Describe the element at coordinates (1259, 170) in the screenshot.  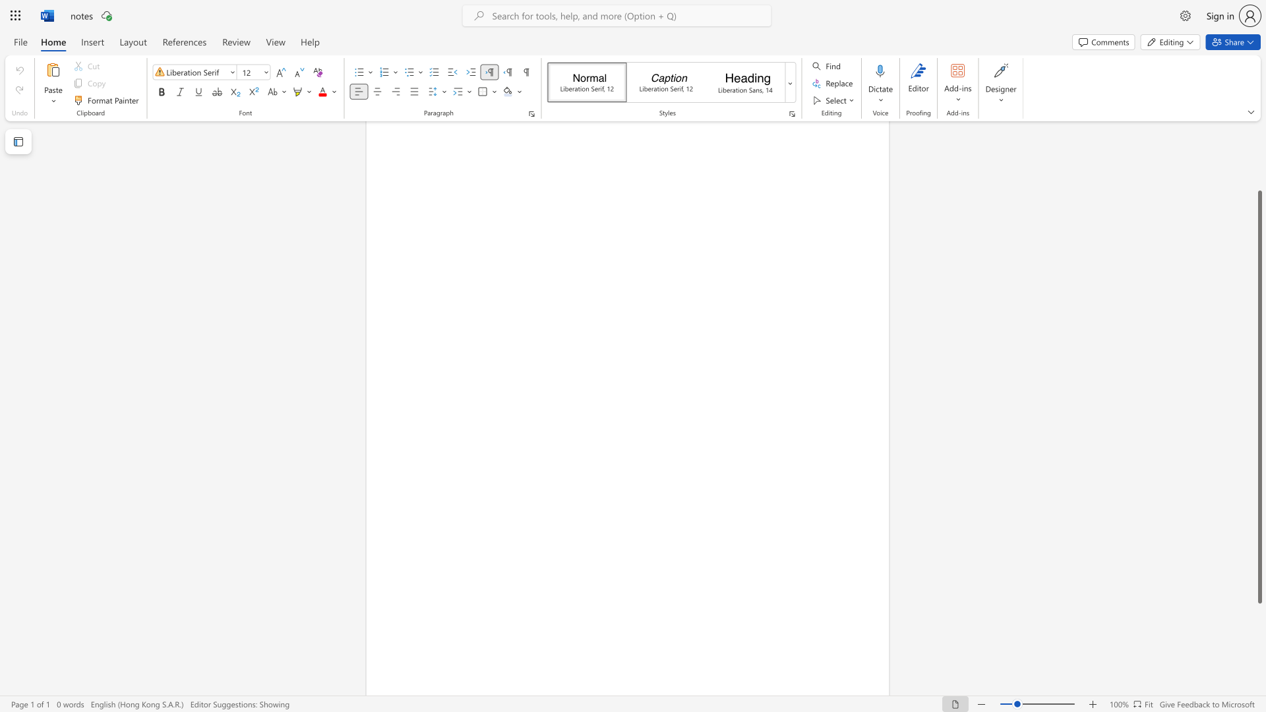
I see `the scrollbar on the side` at that location.